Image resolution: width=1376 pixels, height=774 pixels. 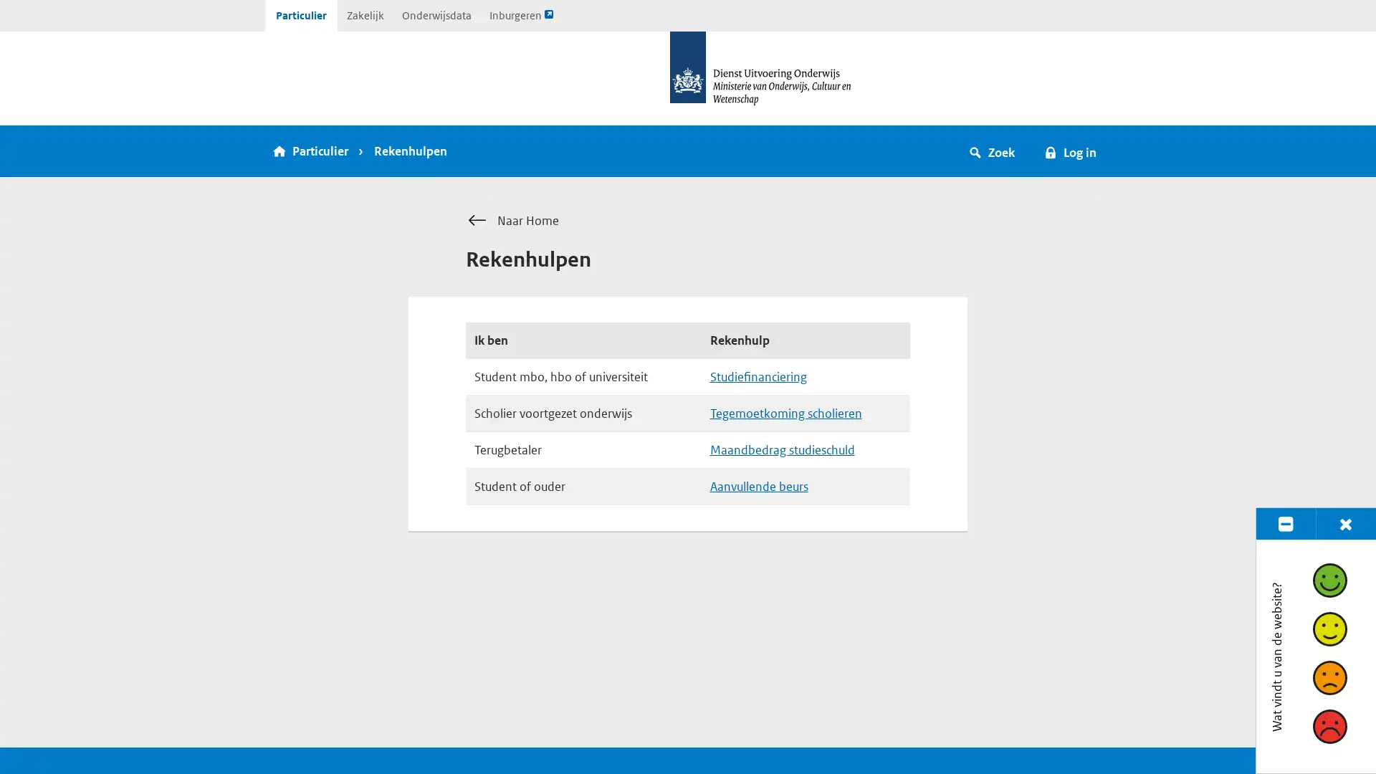 I want to click on Slecht, so click(x=1328, y=726).